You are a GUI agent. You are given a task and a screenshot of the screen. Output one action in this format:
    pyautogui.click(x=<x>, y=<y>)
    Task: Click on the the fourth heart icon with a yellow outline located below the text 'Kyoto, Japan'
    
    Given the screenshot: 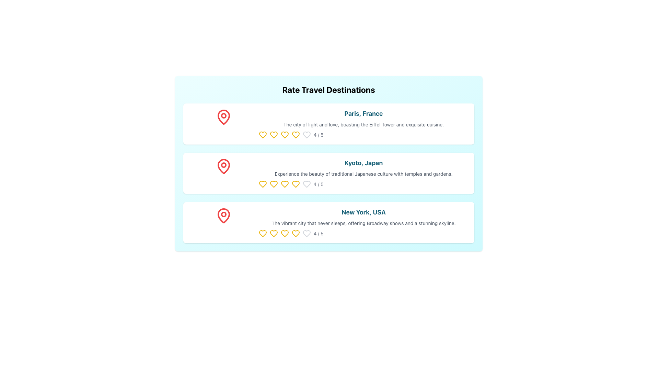 What is the action you would take?
    pyautogui.click(x=296, y=184)
    